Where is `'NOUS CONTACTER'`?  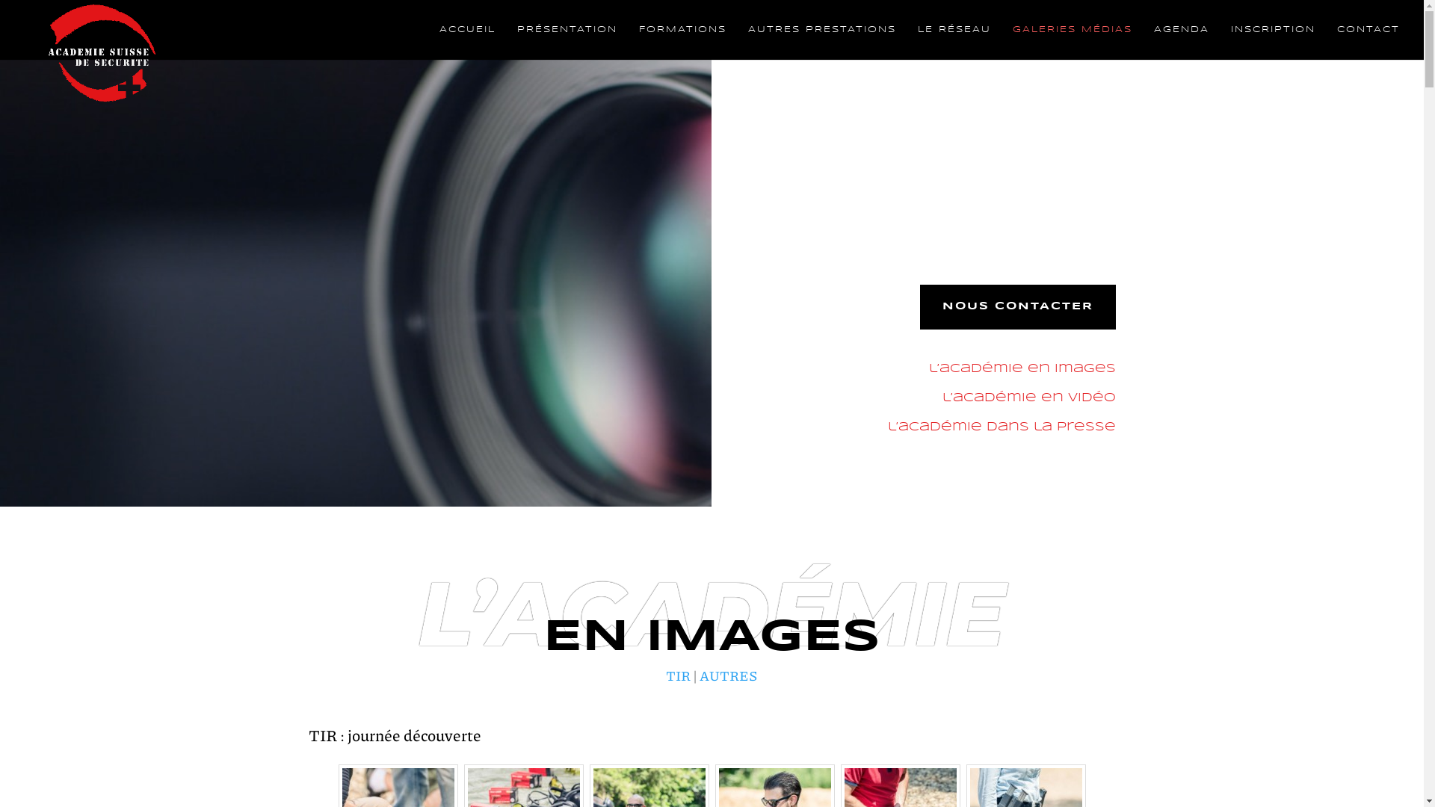
'NOUS CONTACTER' is located at coordinates (1016, 306).